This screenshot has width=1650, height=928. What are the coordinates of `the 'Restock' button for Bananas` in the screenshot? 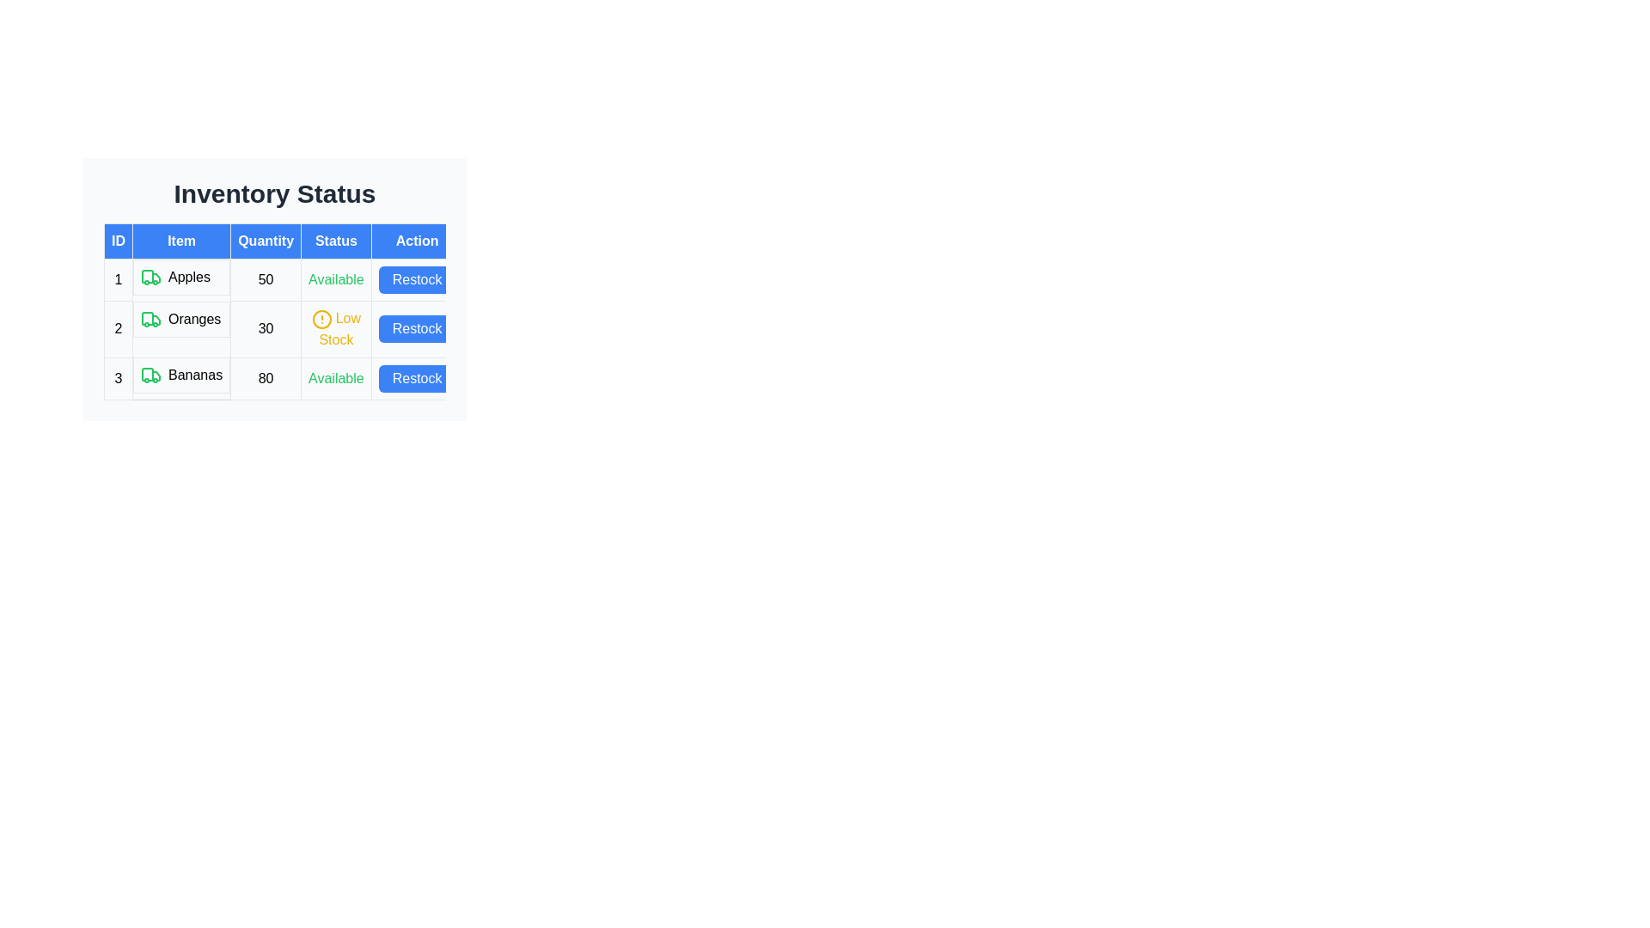 It's located at (417, 377).